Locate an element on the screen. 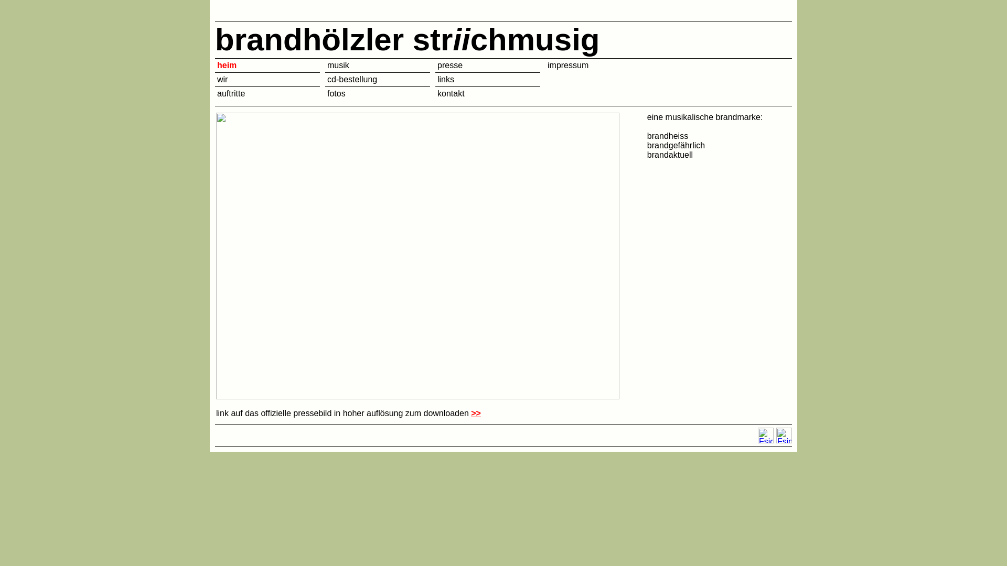 The width and height of the screenshot is (1007, 566). 'fotos' is located at coordinates (327, 93).